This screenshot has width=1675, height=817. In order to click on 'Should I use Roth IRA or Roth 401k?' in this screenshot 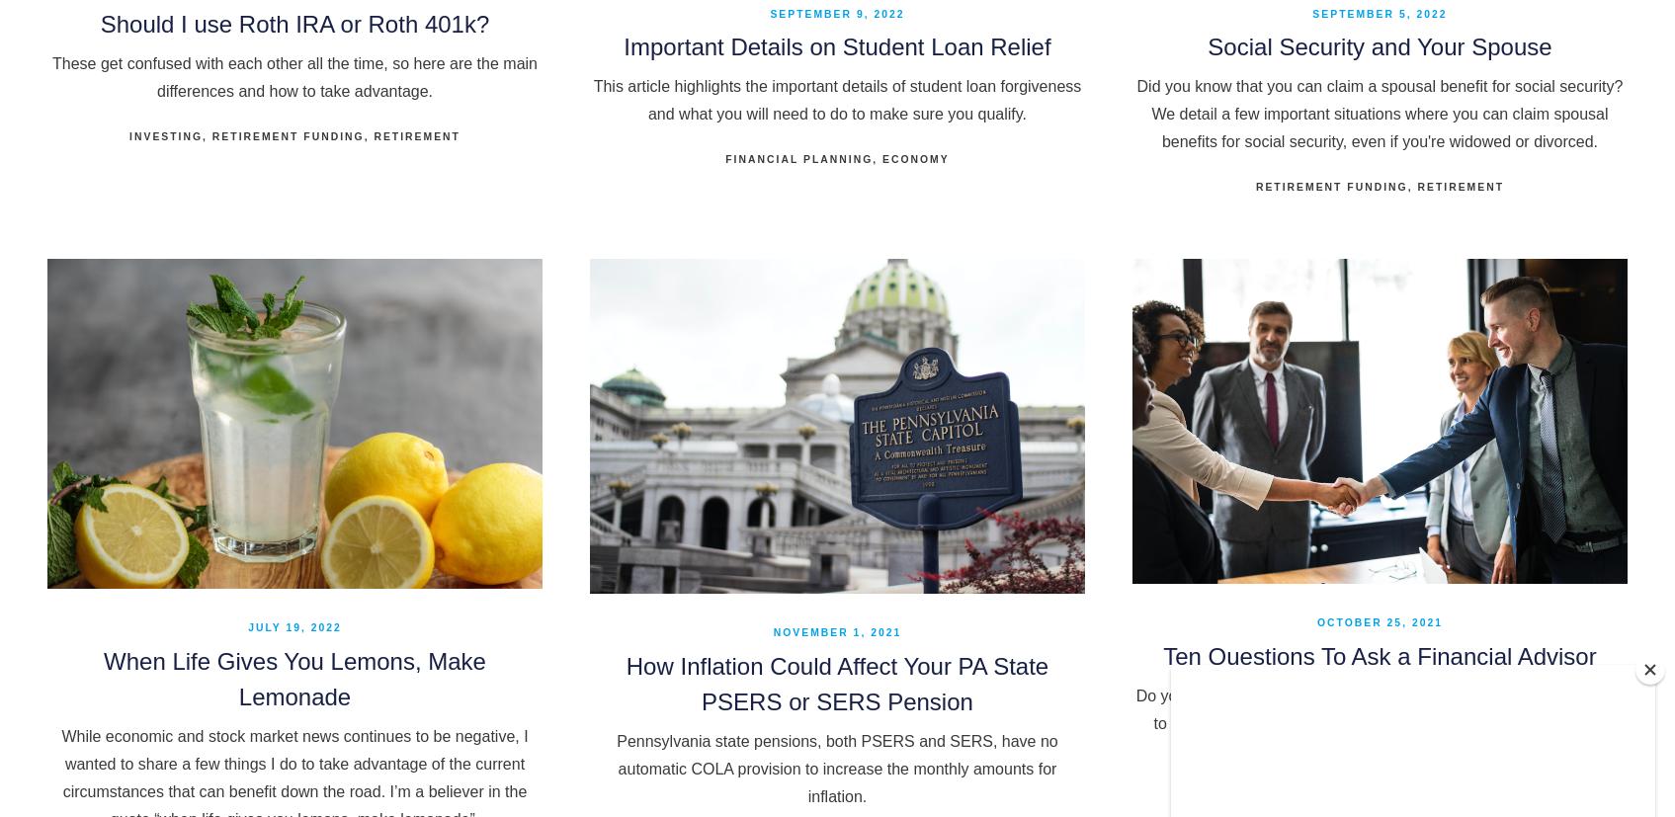, I will do `click(293, 23)`.